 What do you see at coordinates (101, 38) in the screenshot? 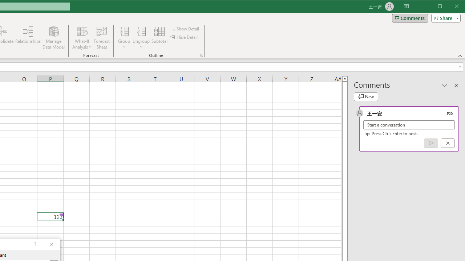
I see `'Forecast Sheet'` at bounding box center [101, 38].